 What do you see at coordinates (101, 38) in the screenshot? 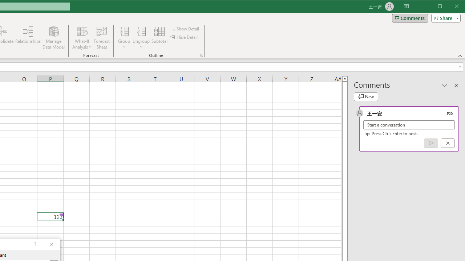
I see `'Forecast Sheet'` at bounding box center [101, 38].